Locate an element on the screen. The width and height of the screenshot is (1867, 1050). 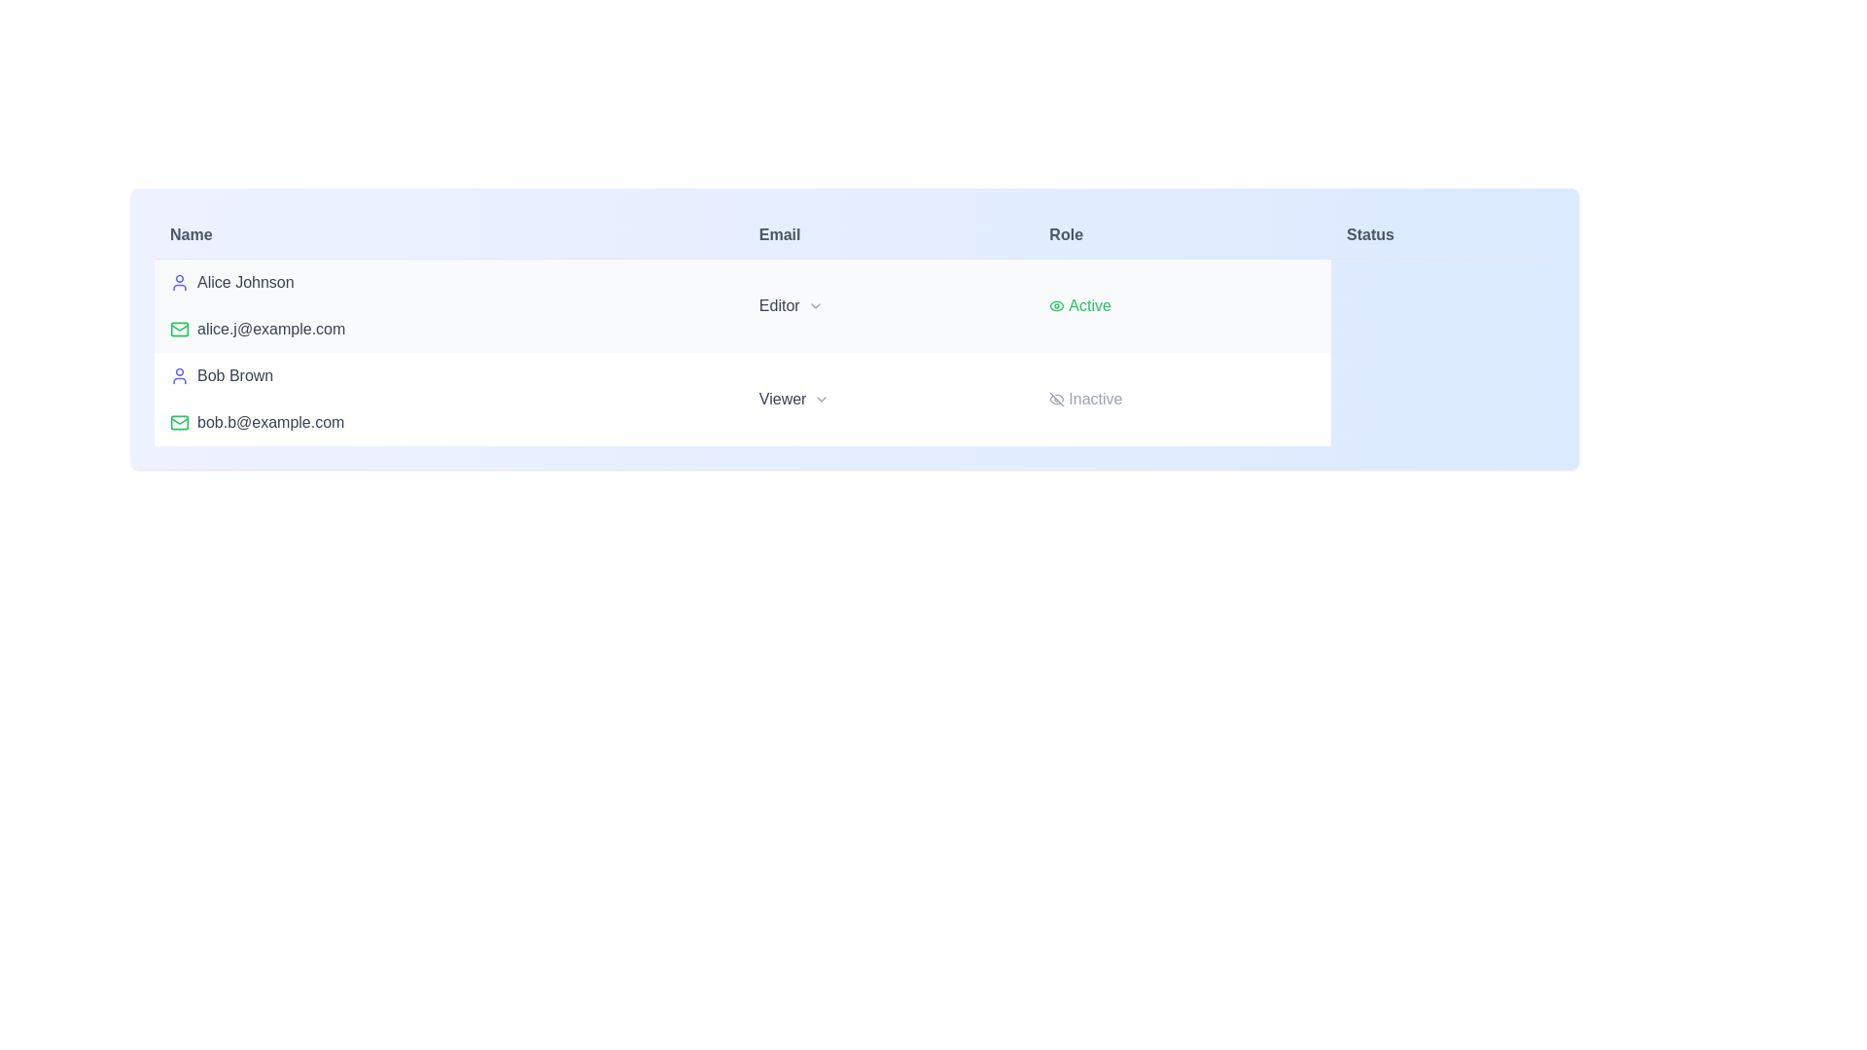
the table header row containing the labels 'Name', 'Email', 'Role' is located at coordinates (855, 234).